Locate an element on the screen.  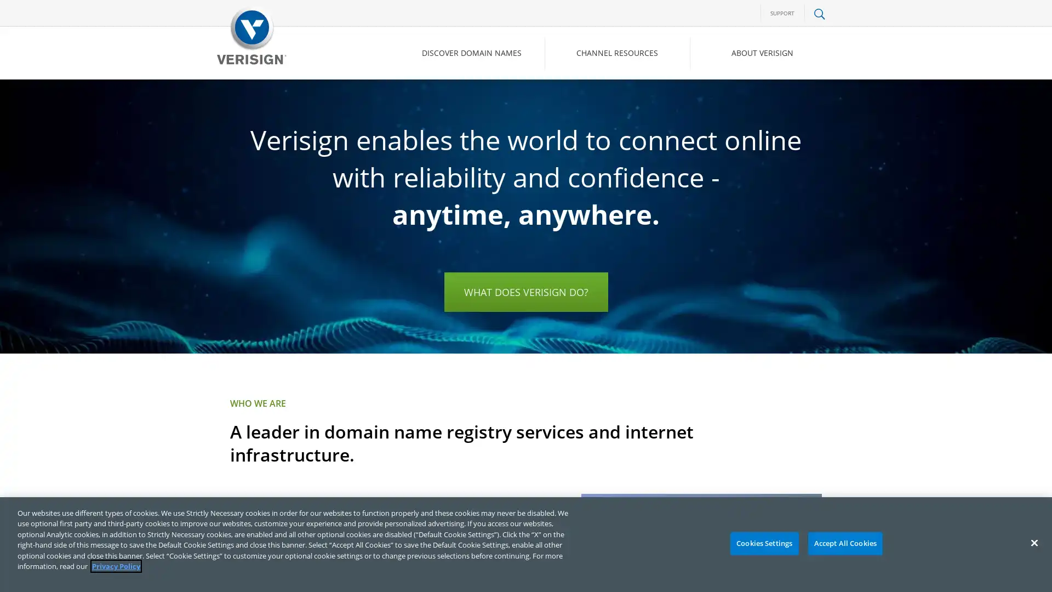
Cookies Settings is located at coordinates (763, 543).